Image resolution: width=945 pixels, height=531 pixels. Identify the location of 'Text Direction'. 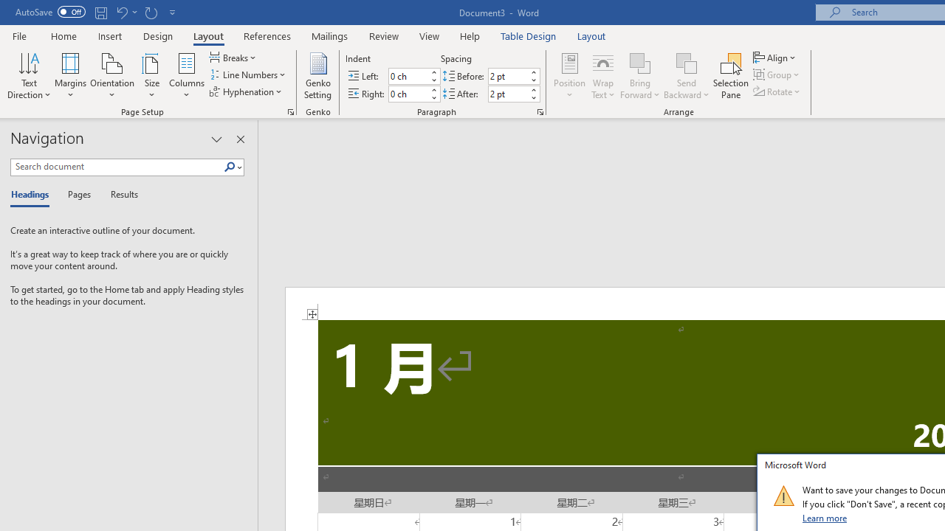
(29, 76).